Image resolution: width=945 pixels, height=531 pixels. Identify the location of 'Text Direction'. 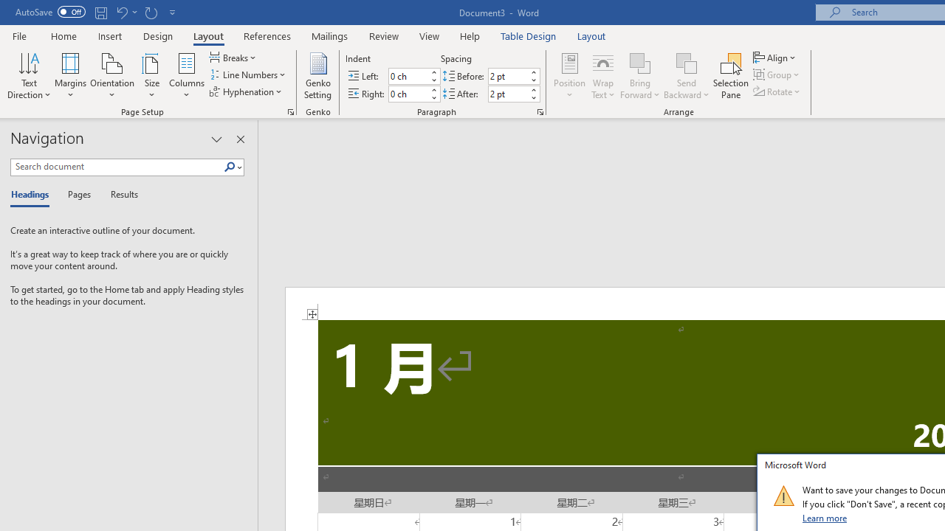
(29, 76).